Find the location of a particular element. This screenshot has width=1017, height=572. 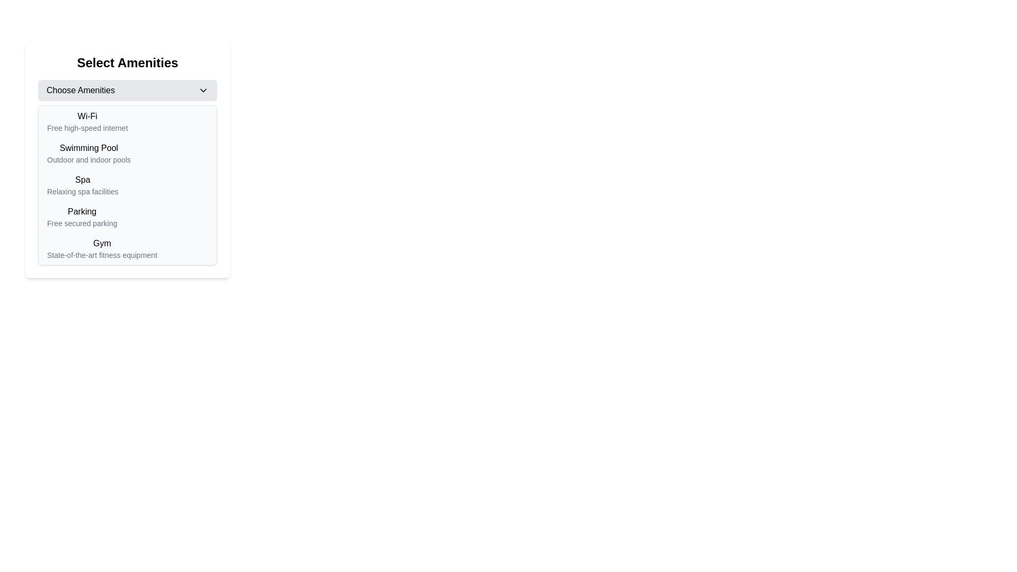

the text label reading 'Spa', which is the first element in the vertical list of amenities, styled with a medium-weight font is located at coordinates (82, 179).